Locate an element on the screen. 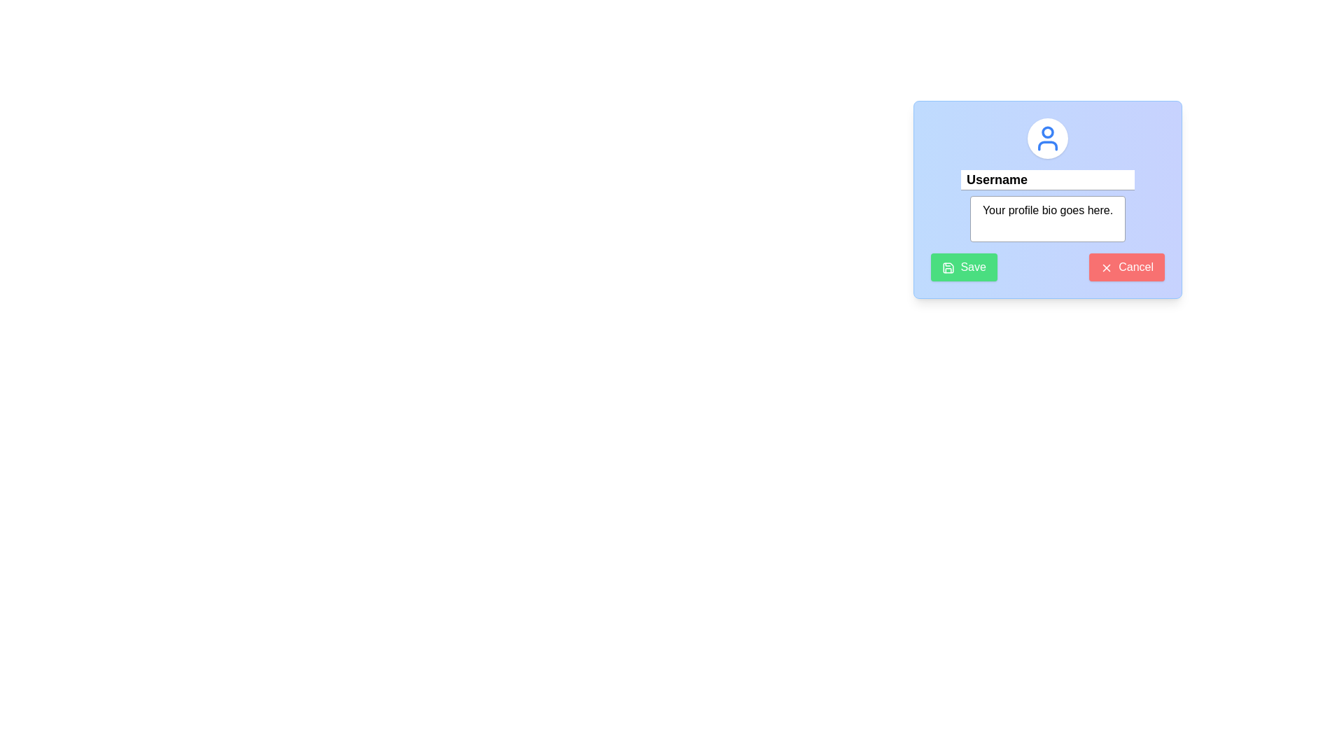 This screenshot has height=756, width=1344. the small red 'X' icon located to the left of the 'Cancel' button is located at coordinates (1105, 267).